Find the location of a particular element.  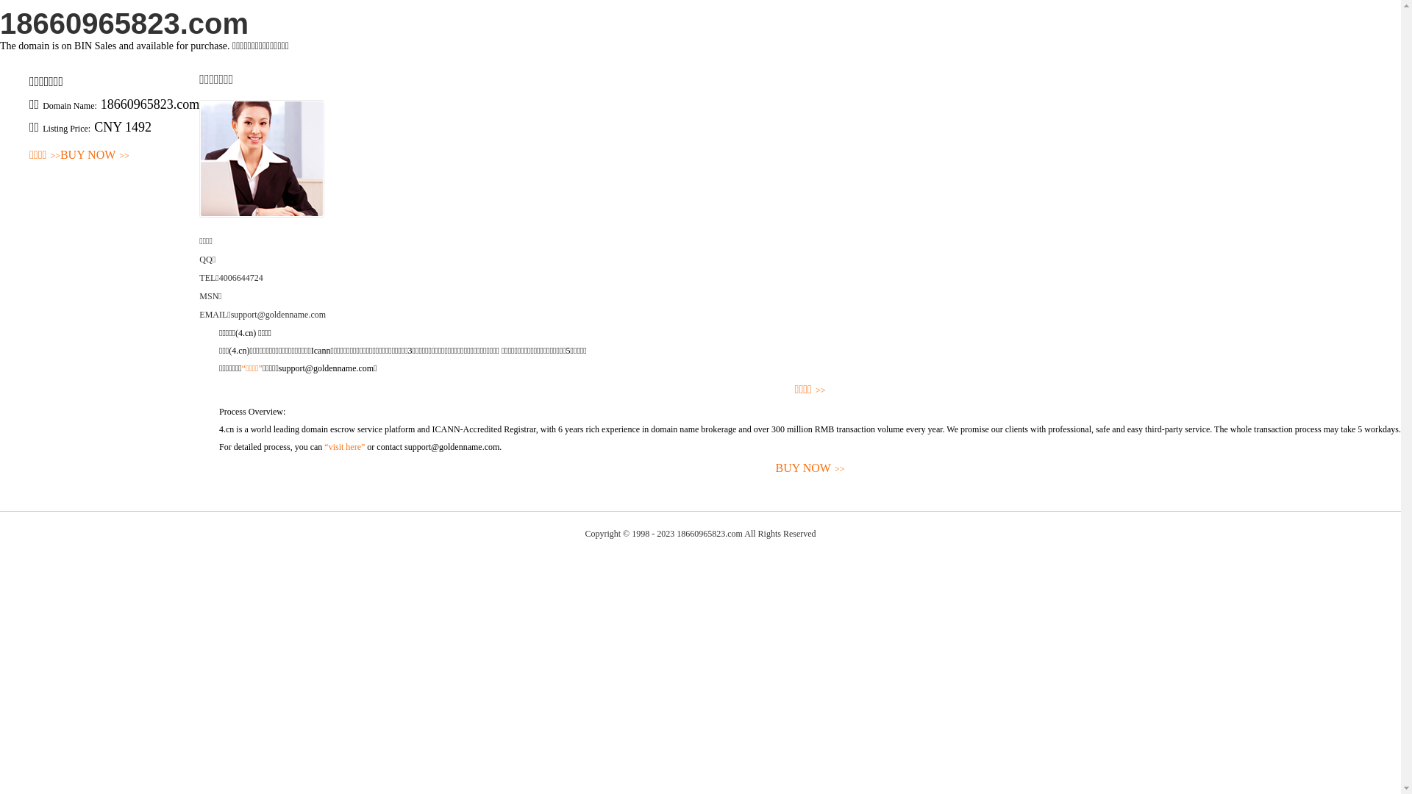

'BUY NOW>>' is located at coordinates (809, 468).